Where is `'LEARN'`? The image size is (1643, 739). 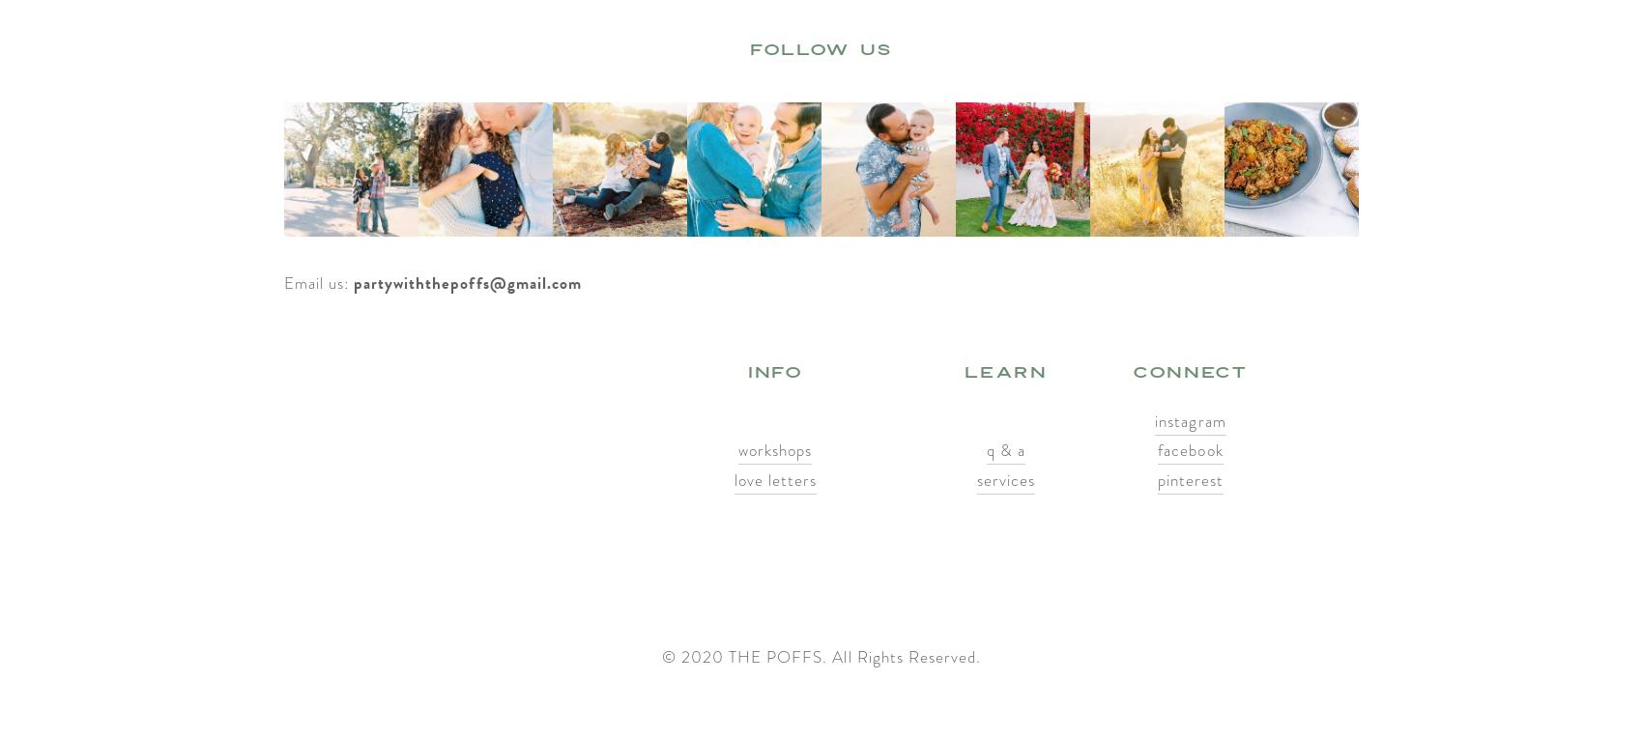 'LEARN' is located at coordinates (1004, 372).